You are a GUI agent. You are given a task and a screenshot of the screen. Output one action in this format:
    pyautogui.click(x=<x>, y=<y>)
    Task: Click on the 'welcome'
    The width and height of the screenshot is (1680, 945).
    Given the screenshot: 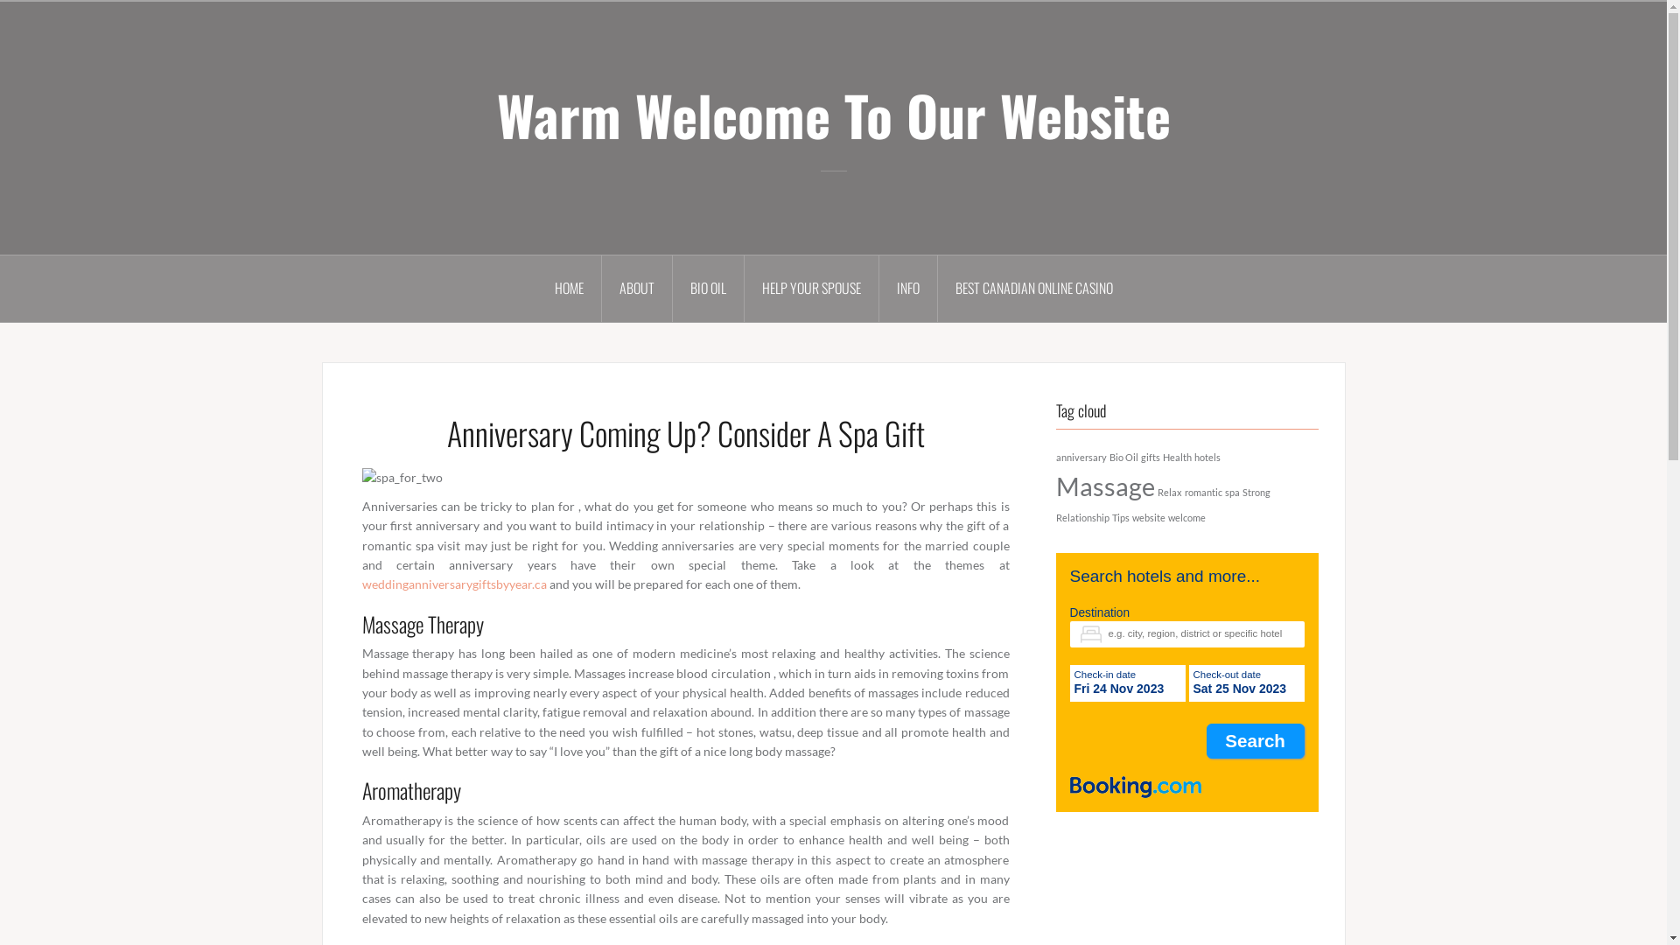 What is the action you would take?
    pyautogui.click(x=1186, y=516)
    